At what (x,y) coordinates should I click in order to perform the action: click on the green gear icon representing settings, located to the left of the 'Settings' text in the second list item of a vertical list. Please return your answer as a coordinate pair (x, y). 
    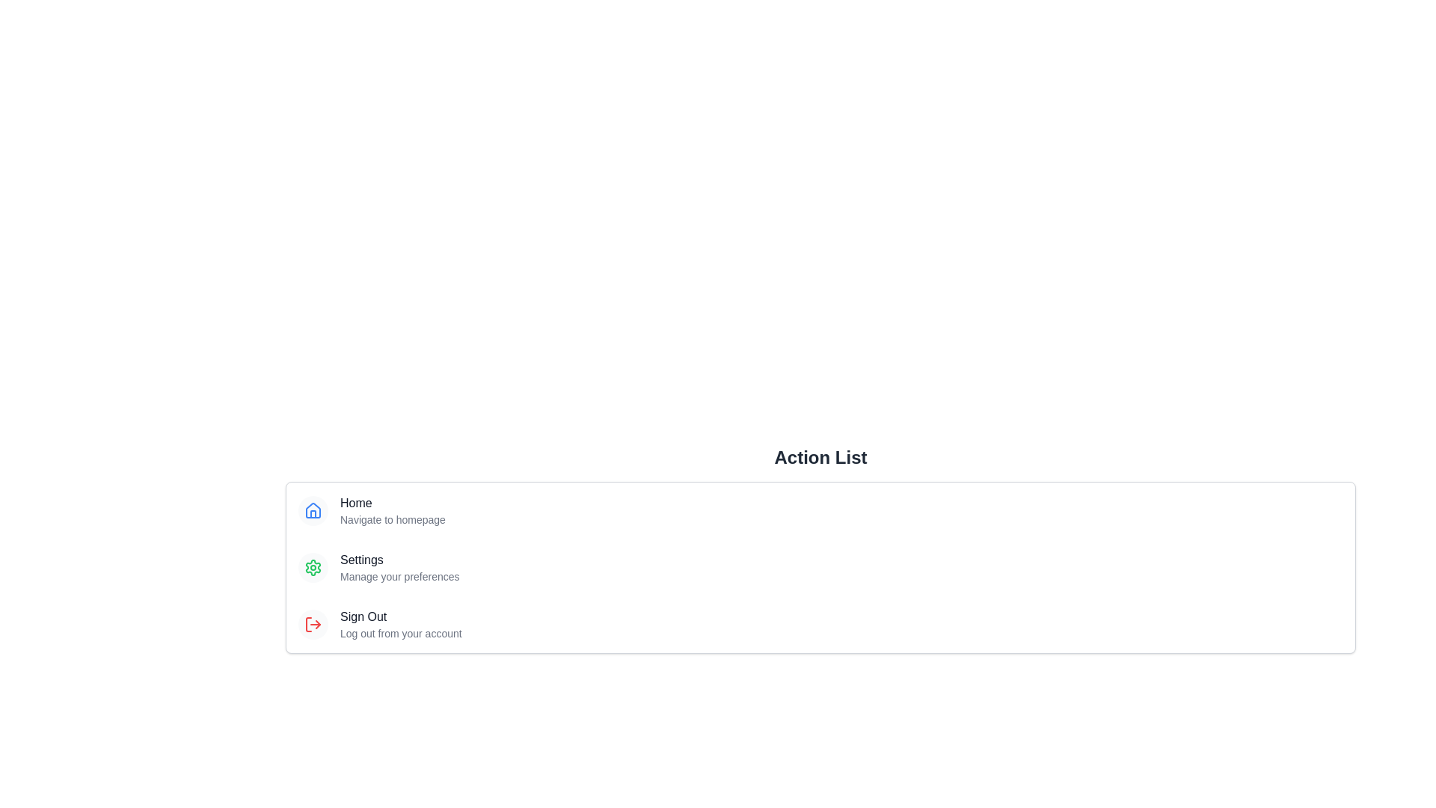
    Looking at the image, I should click on (312, 568).